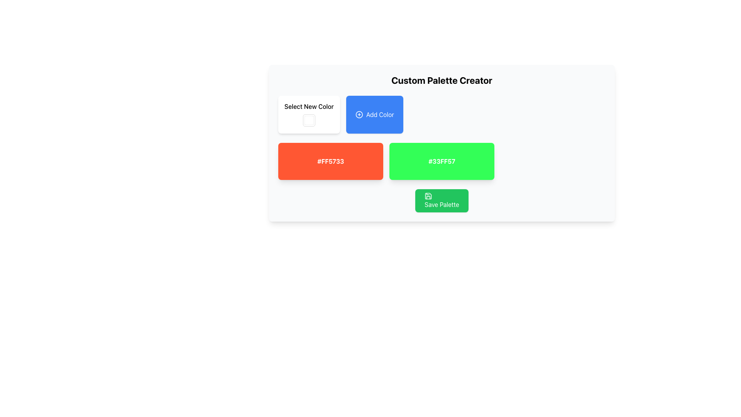  I want to click on the first colored box in the palette generator interface, which is orange-red (#FF5733) and located beneath the 'Select New Color' and 'Add Color' buttons, so click(331, 161).